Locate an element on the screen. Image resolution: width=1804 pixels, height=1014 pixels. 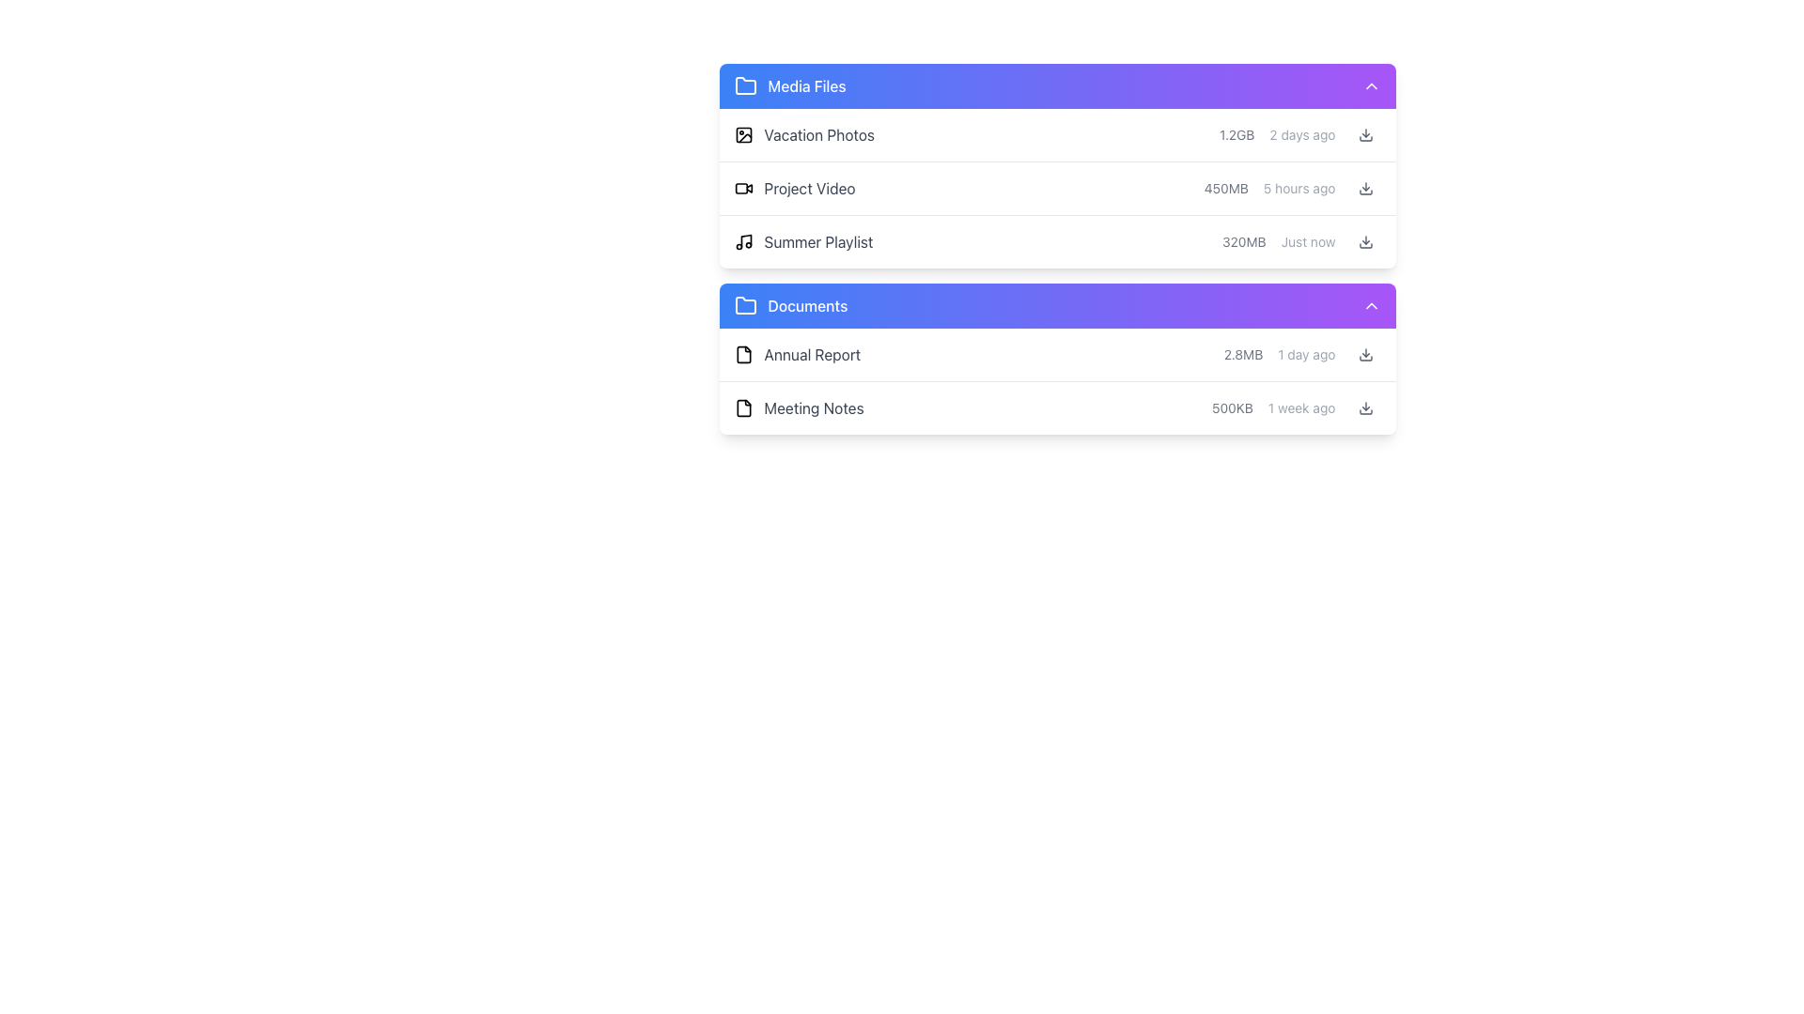
the icon representing the 'Media Files' section, which is positioned to the left of the text 'Media Files' in the top section of the interface is located at coordinates (744, 86).